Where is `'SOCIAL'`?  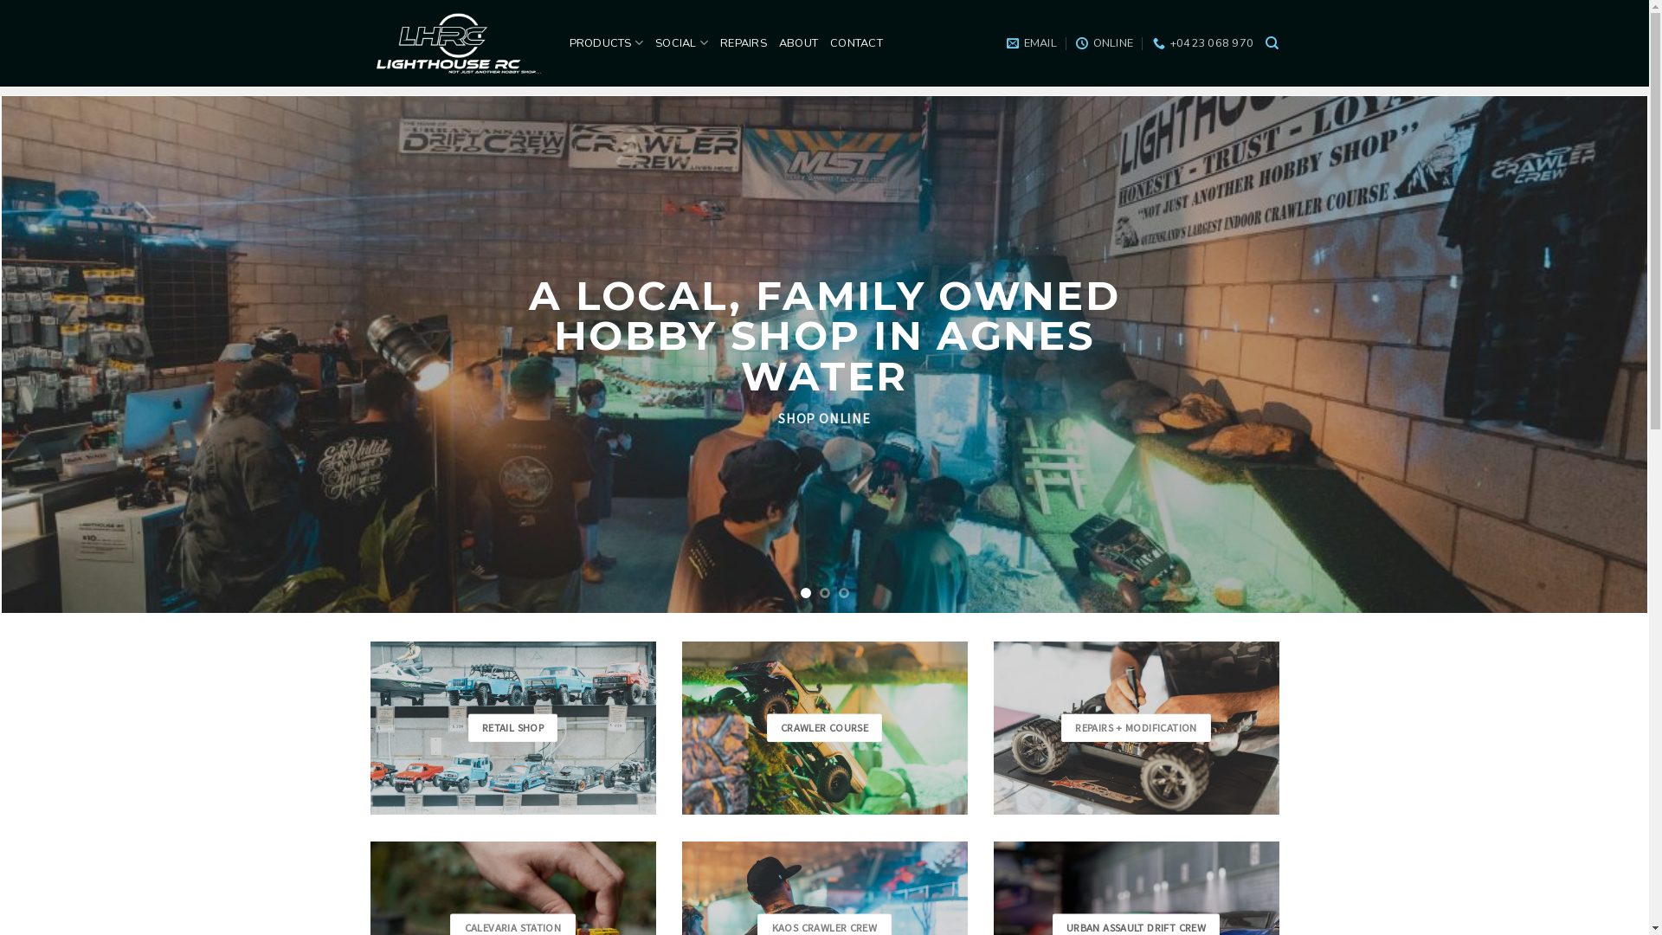 'SOCIAL' is located at coordinates (680, 42).